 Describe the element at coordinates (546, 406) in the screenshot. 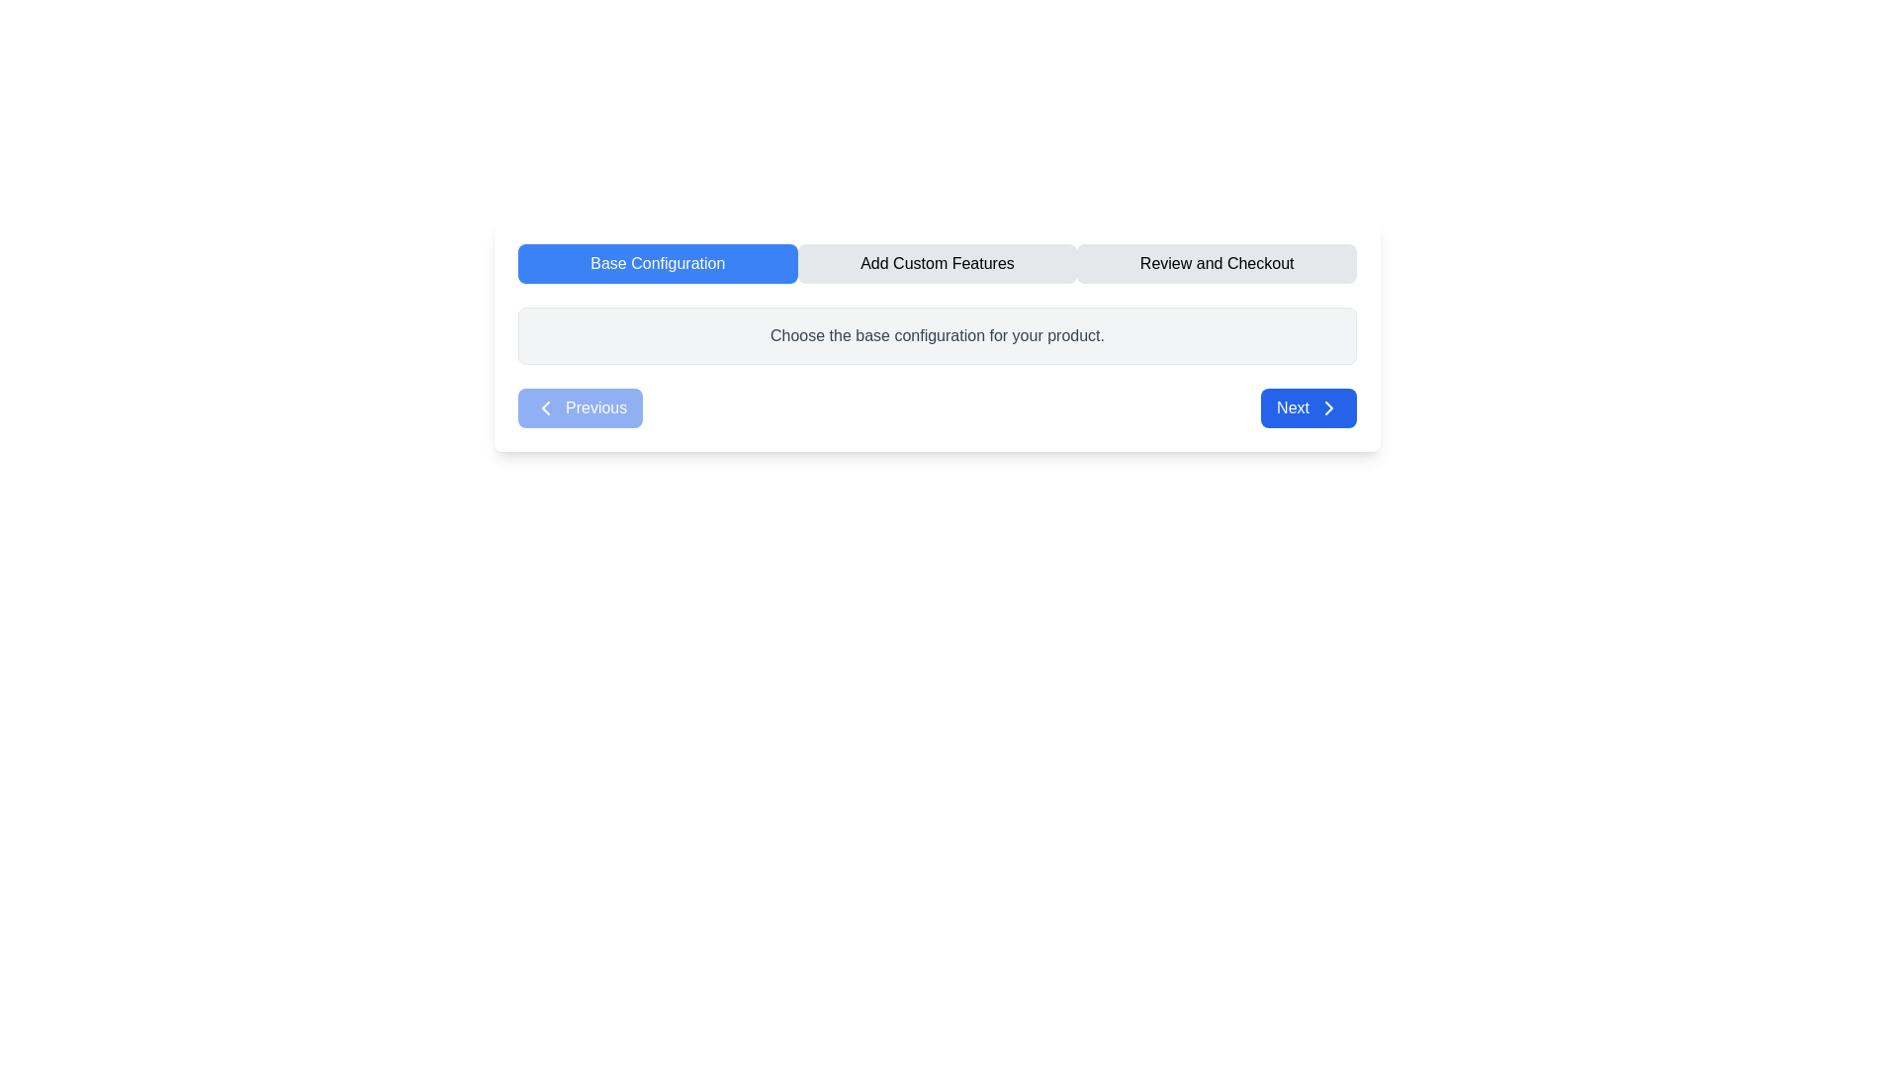

I see `the SVG Icon representing the navigational action to move to the previous step, located adjacent to the 'Previous' button at the bottom-left of the central interface panel` at that location.